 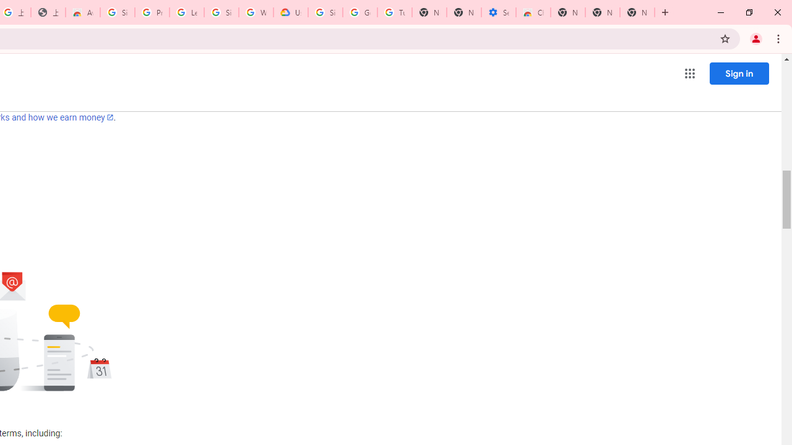 What do you see at coordinates (665, 12) in the screenshot?
I see `'New Tab'` at bounding box center [665, 12].